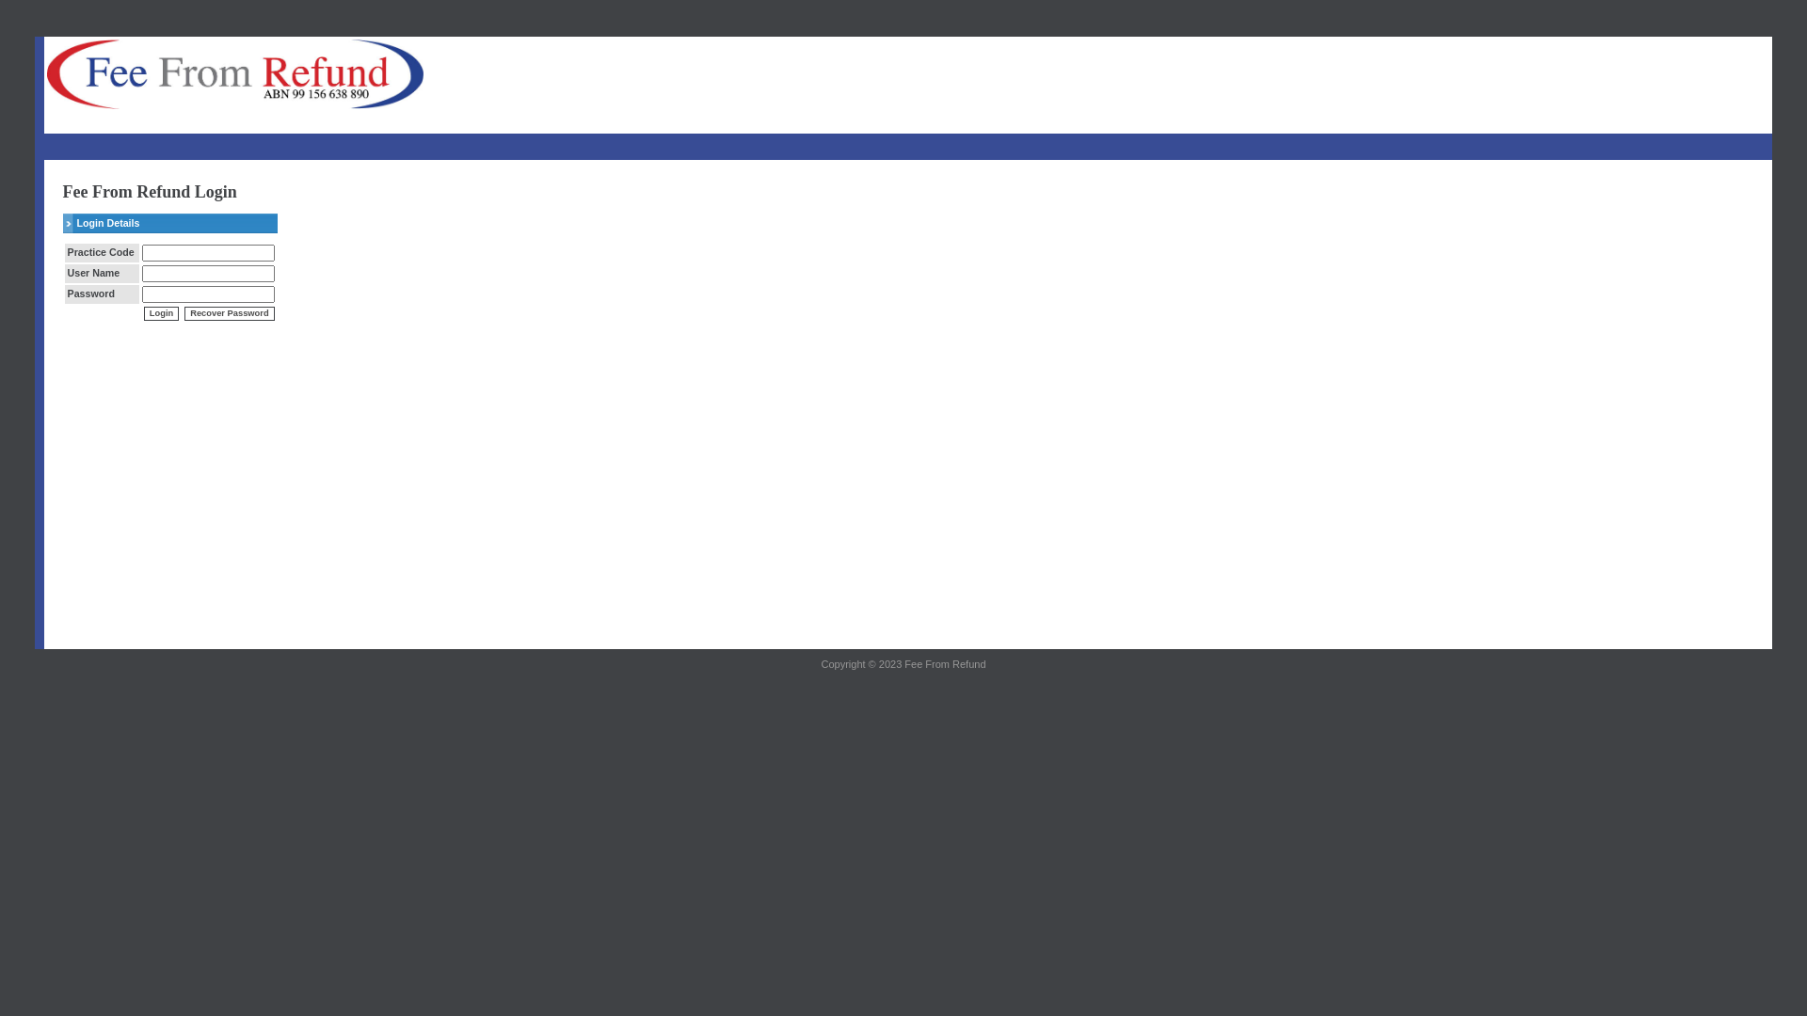  I want to click on 'Login', so click(161, 312).